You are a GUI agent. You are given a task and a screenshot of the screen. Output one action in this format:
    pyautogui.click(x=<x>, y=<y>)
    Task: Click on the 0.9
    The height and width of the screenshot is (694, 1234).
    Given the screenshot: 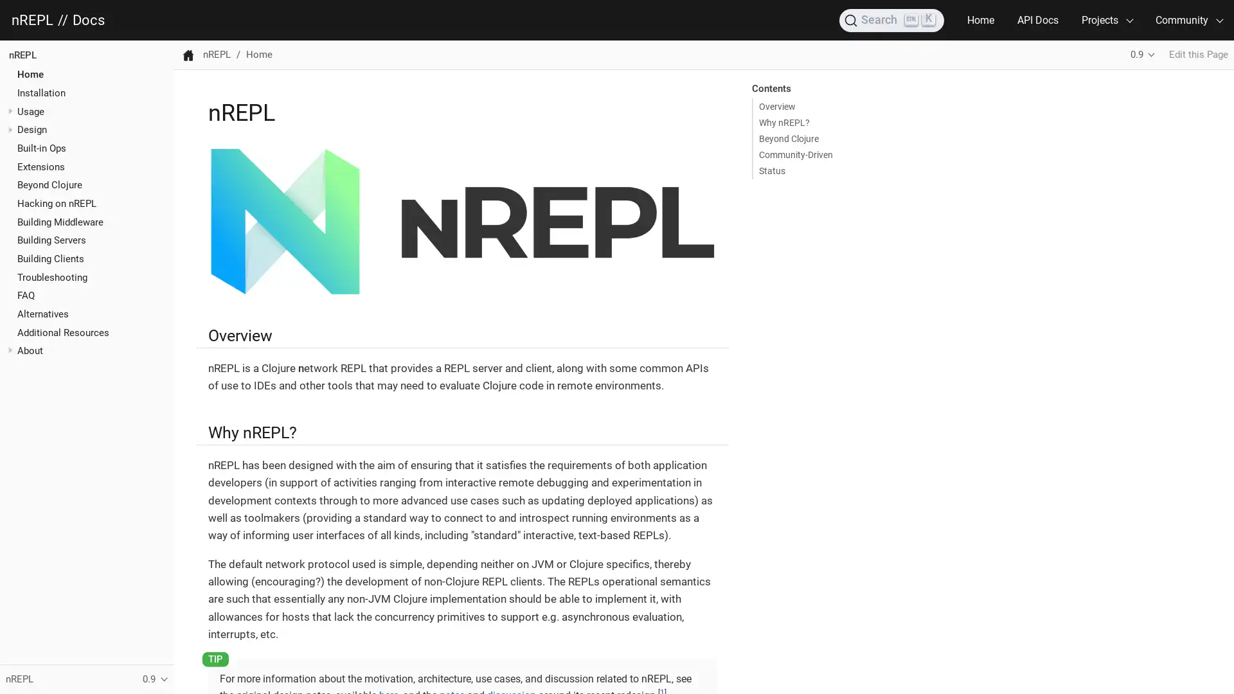 What is the action you would take?
    pyautogui.click(x=1142, y=54)
    